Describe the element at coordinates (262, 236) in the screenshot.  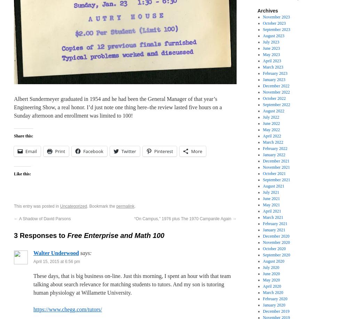
I see `'December 2020'` at that location.